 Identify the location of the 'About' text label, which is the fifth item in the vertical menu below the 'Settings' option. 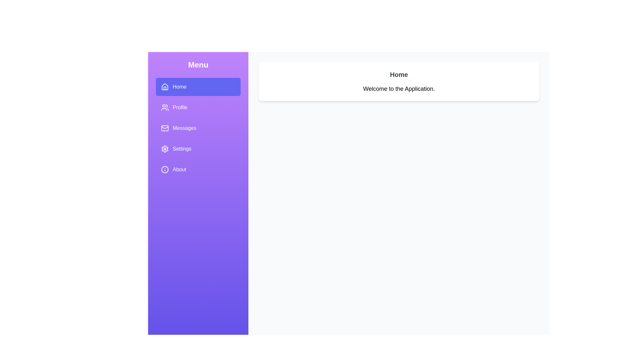
(179, 169).